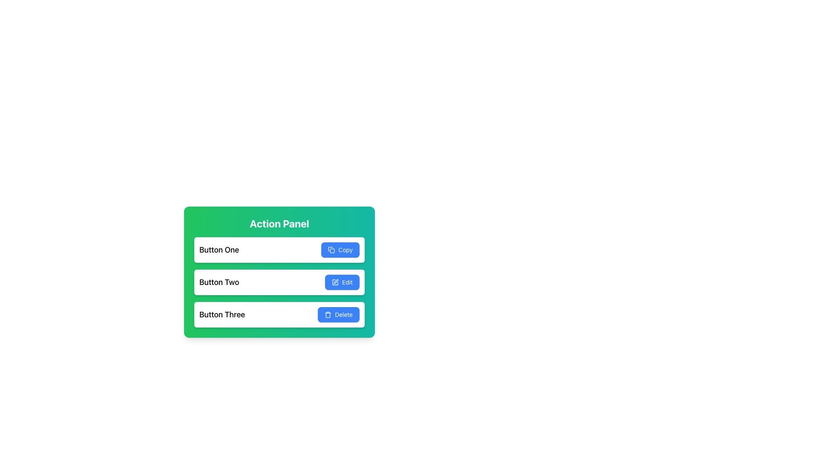 The image size is (818, 460). I want to click on the 'Edit' button with a blue background and white text located in the 'Button Two' section, so click(347, 282).